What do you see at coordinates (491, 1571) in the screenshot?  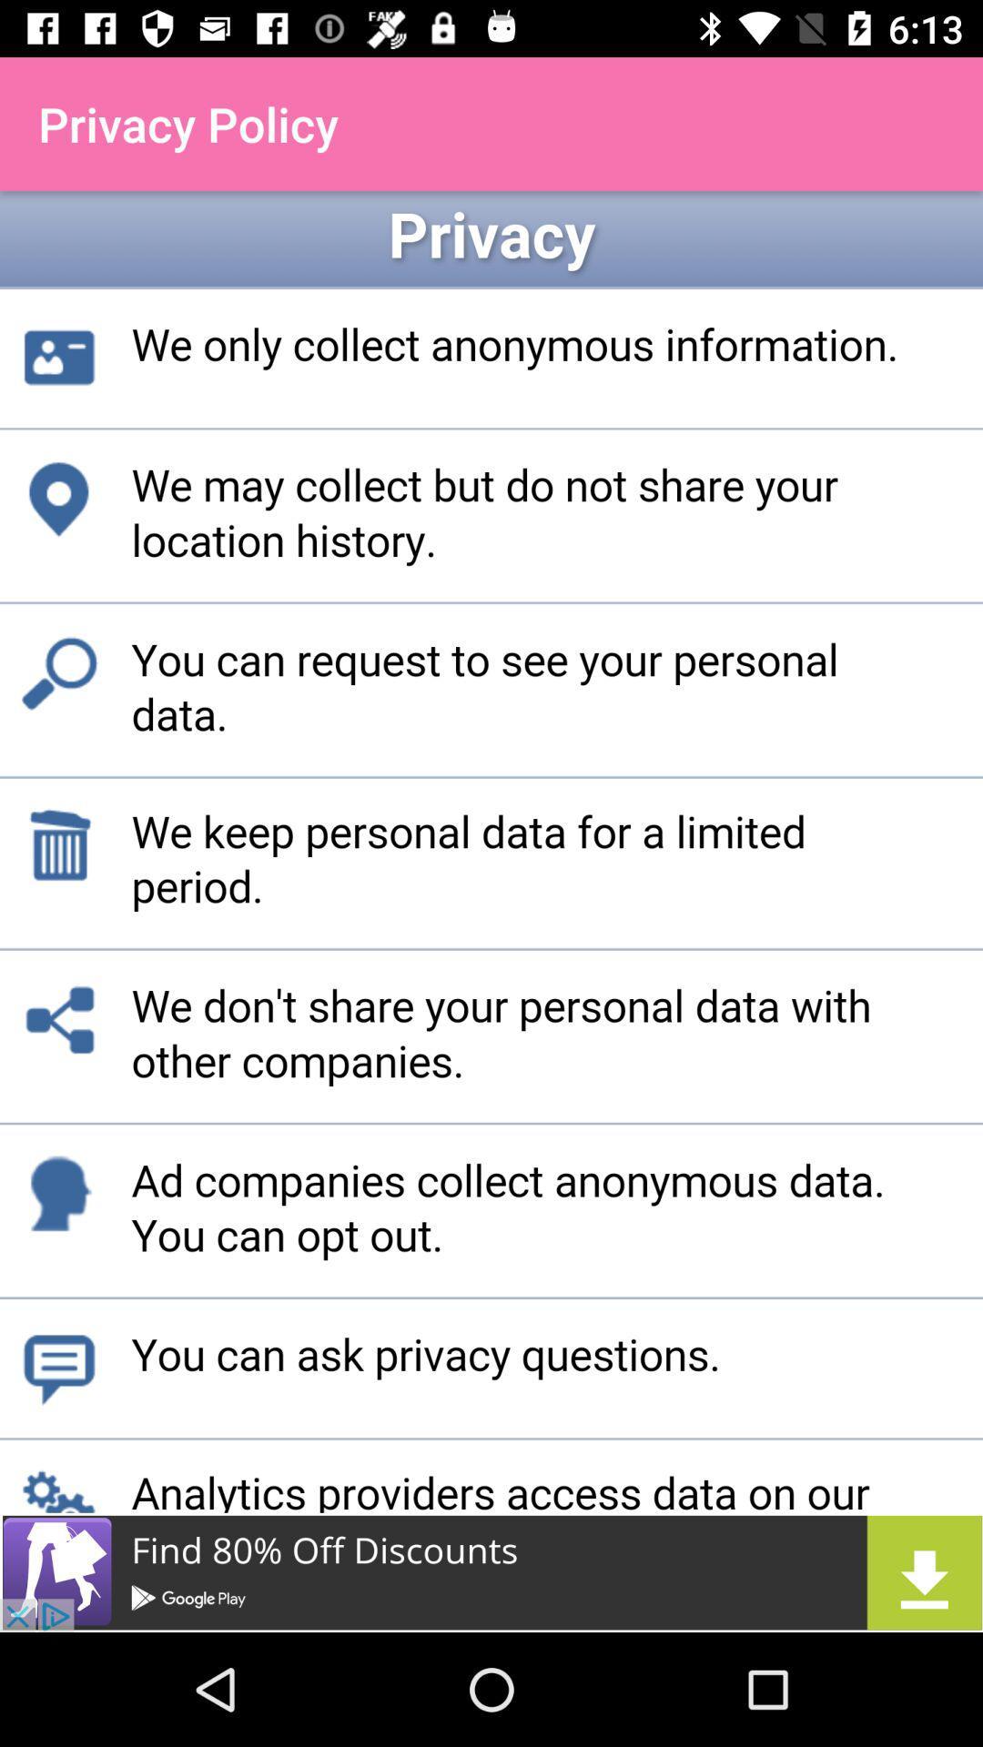 I see `goes to advertiser 's website` at bounding box center [491, 1571].